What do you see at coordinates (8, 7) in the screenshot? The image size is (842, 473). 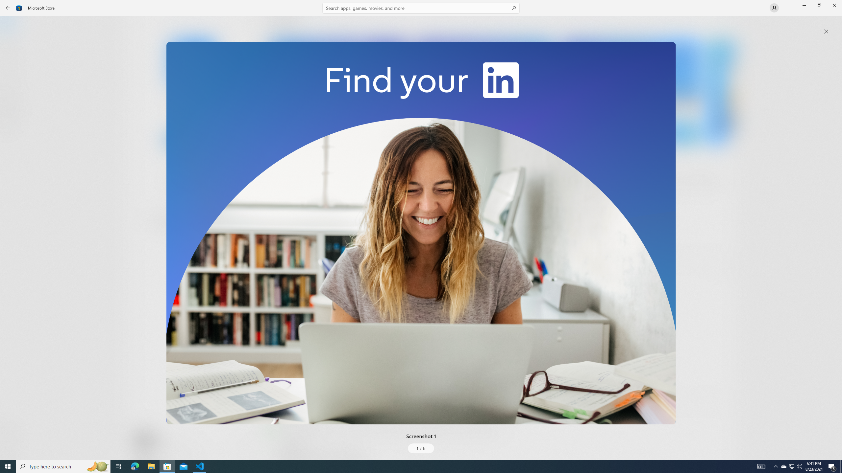 I see `'Back'` at bounding box center [8, 7].